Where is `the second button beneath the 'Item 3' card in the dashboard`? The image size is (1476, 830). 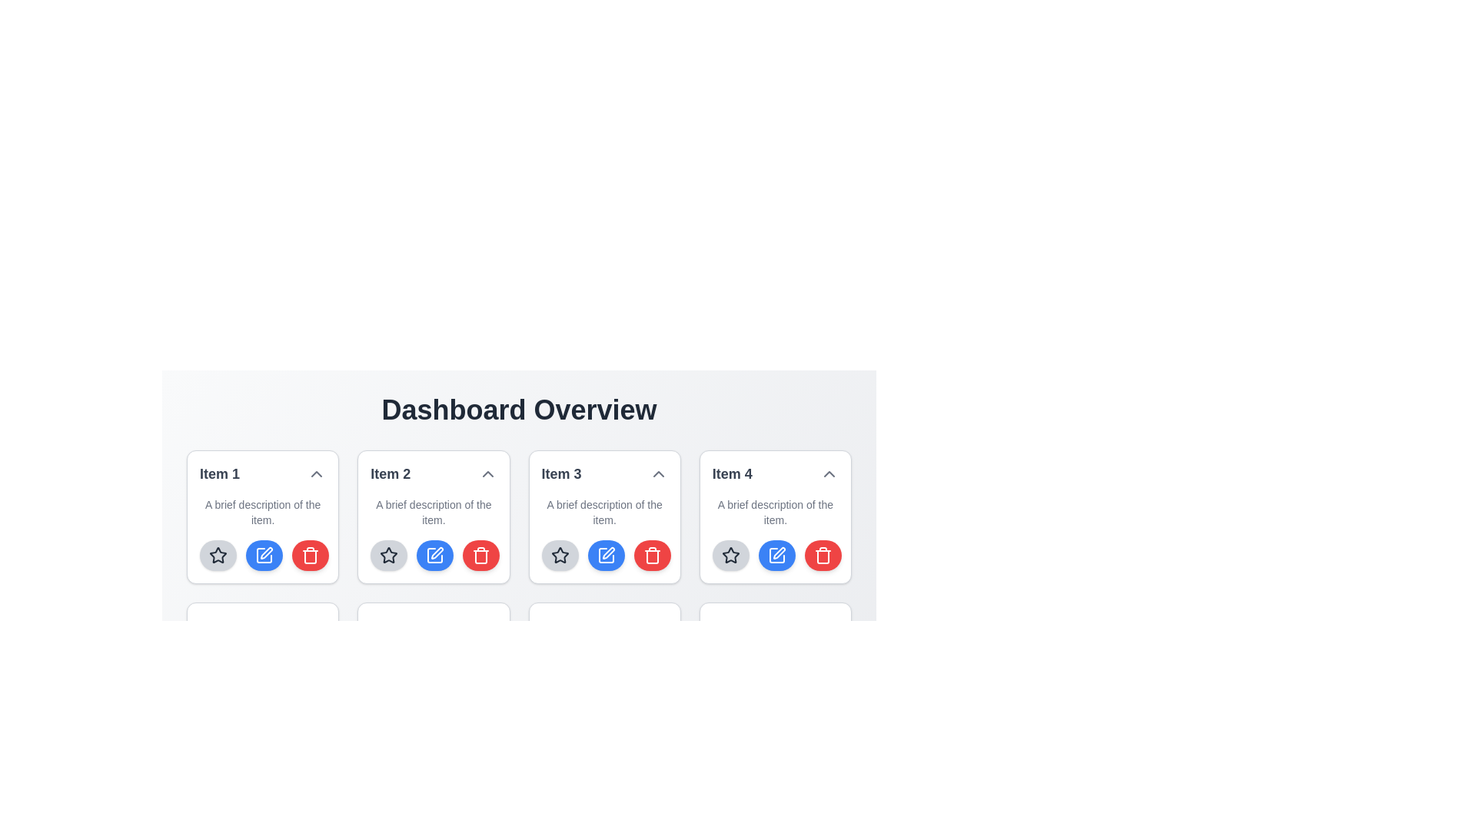
the second button beneath the 'Item 3' card in the dashboard is located at coordinates (605, 555).